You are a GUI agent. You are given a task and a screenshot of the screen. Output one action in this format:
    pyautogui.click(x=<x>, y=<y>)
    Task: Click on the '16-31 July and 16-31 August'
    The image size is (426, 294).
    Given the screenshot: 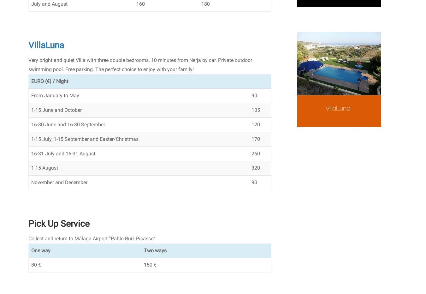 What is the action you would take?
    pyautogui.click(x=63, y=153)
    